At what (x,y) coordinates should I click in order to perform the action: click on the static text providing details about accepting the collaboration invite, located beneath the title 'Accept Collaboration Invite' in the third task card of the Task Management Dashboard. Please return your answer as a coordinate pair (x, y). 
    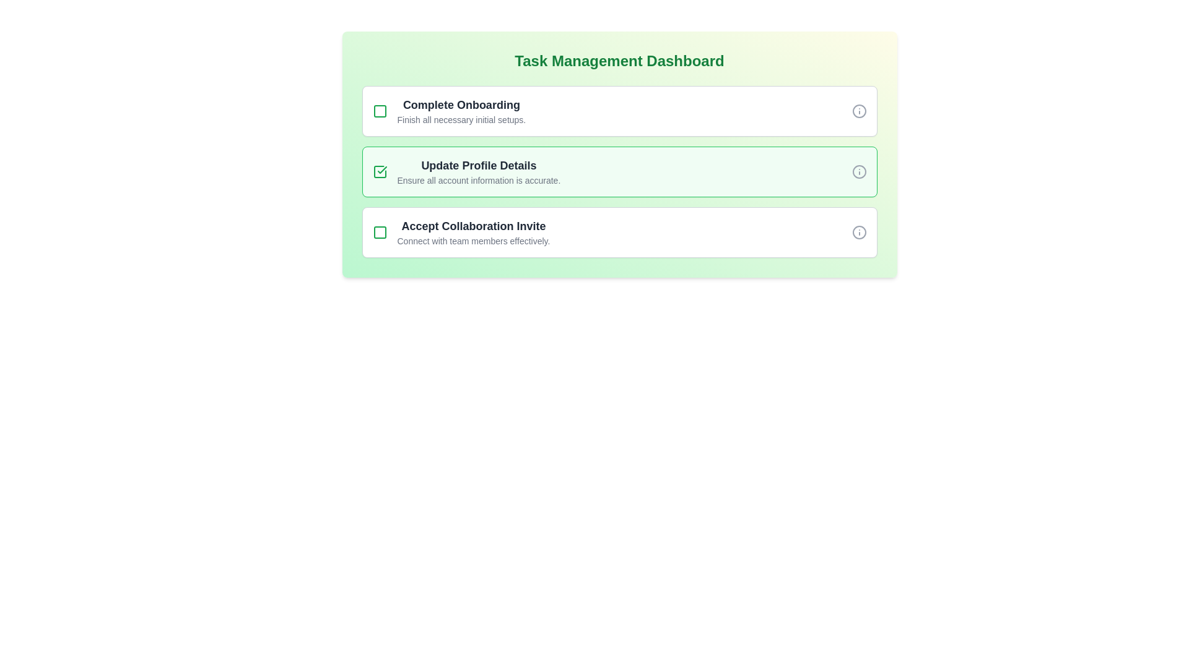
    Looking at the image, I should click on (473, 241).